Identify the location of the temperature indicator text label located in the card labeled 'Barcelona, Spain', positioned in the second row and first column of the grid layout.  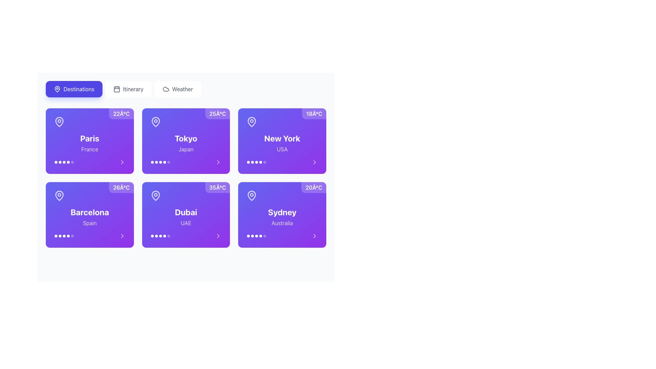
(121, 187).